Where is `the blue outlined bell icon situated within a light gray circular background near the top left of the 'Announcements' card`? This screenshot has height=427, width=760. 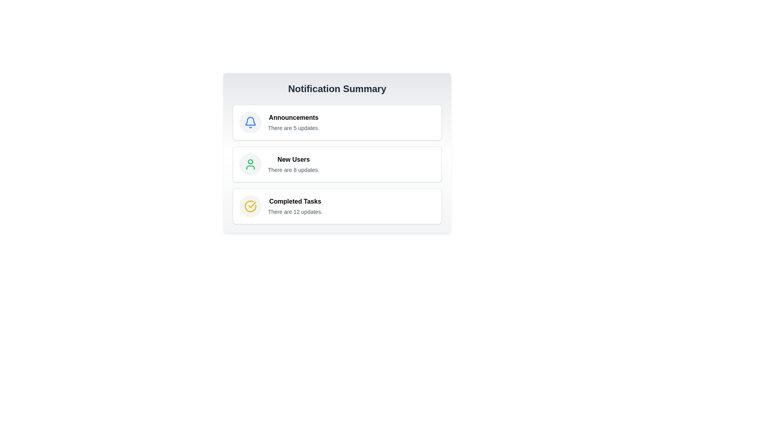
the blue outlined bell icon situated within a light gray circular background near the top left of the 'Announcements' card is located at coordinates (250, 122).